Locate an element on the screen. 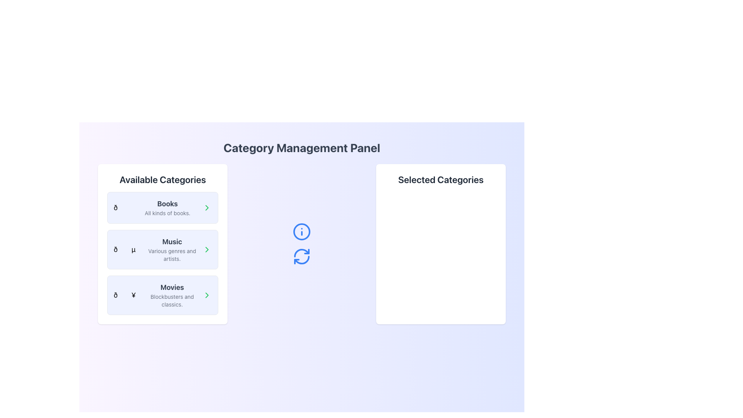 This screenshot has height=418, width=743. the Text group within the first card of the 'Available Categories' section is located at coordinates (167, 207).